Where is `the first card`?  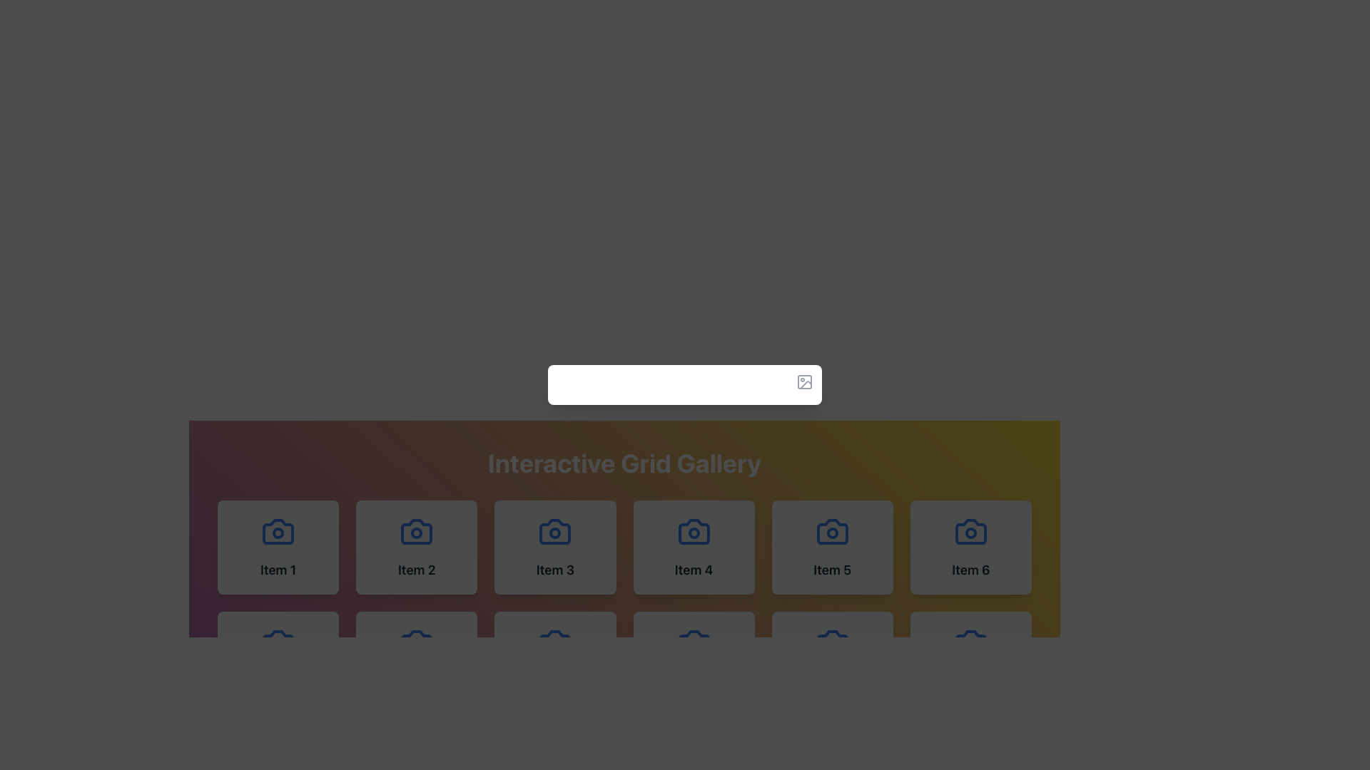 the first card is located at coordinates (278, 546).